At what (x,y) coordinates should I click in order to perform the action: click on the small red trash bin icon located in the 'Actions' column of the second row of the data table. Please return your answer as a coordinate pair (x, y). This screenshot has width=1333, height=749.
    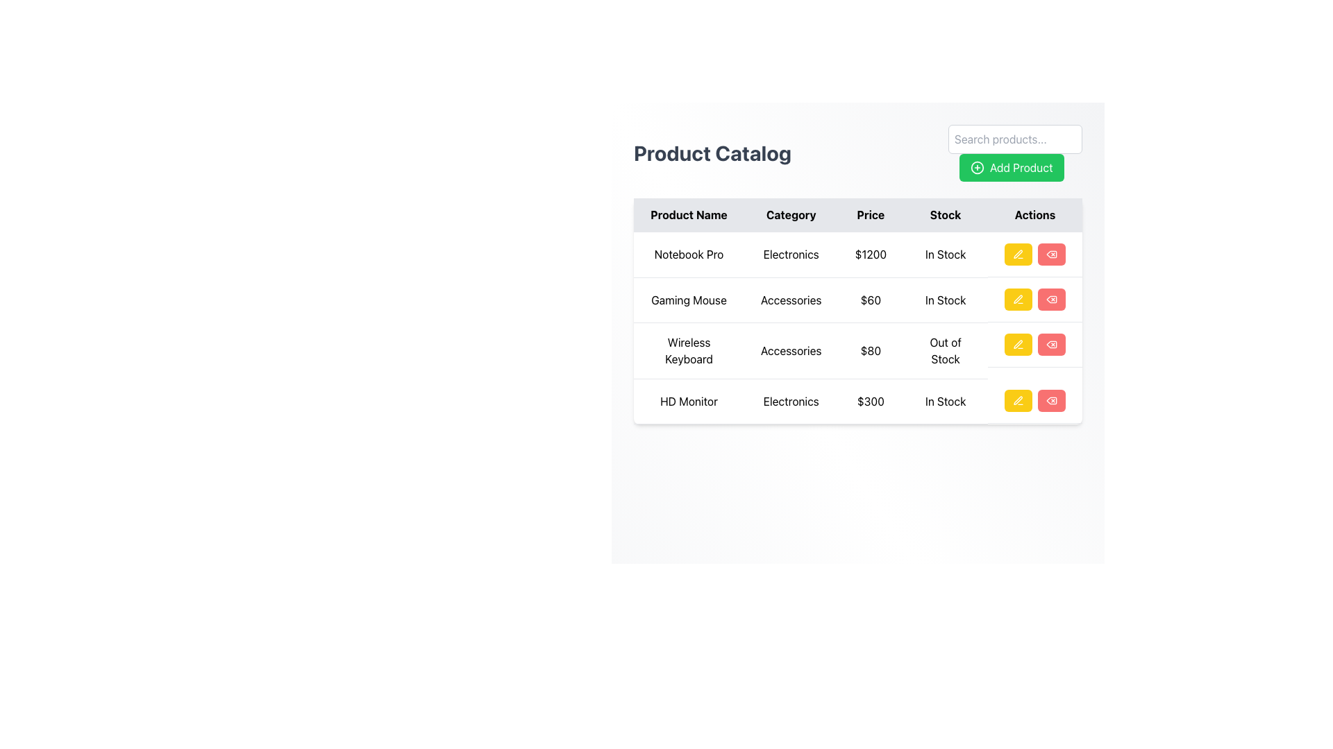
    Looking at the image, I should click on (1052, 299).